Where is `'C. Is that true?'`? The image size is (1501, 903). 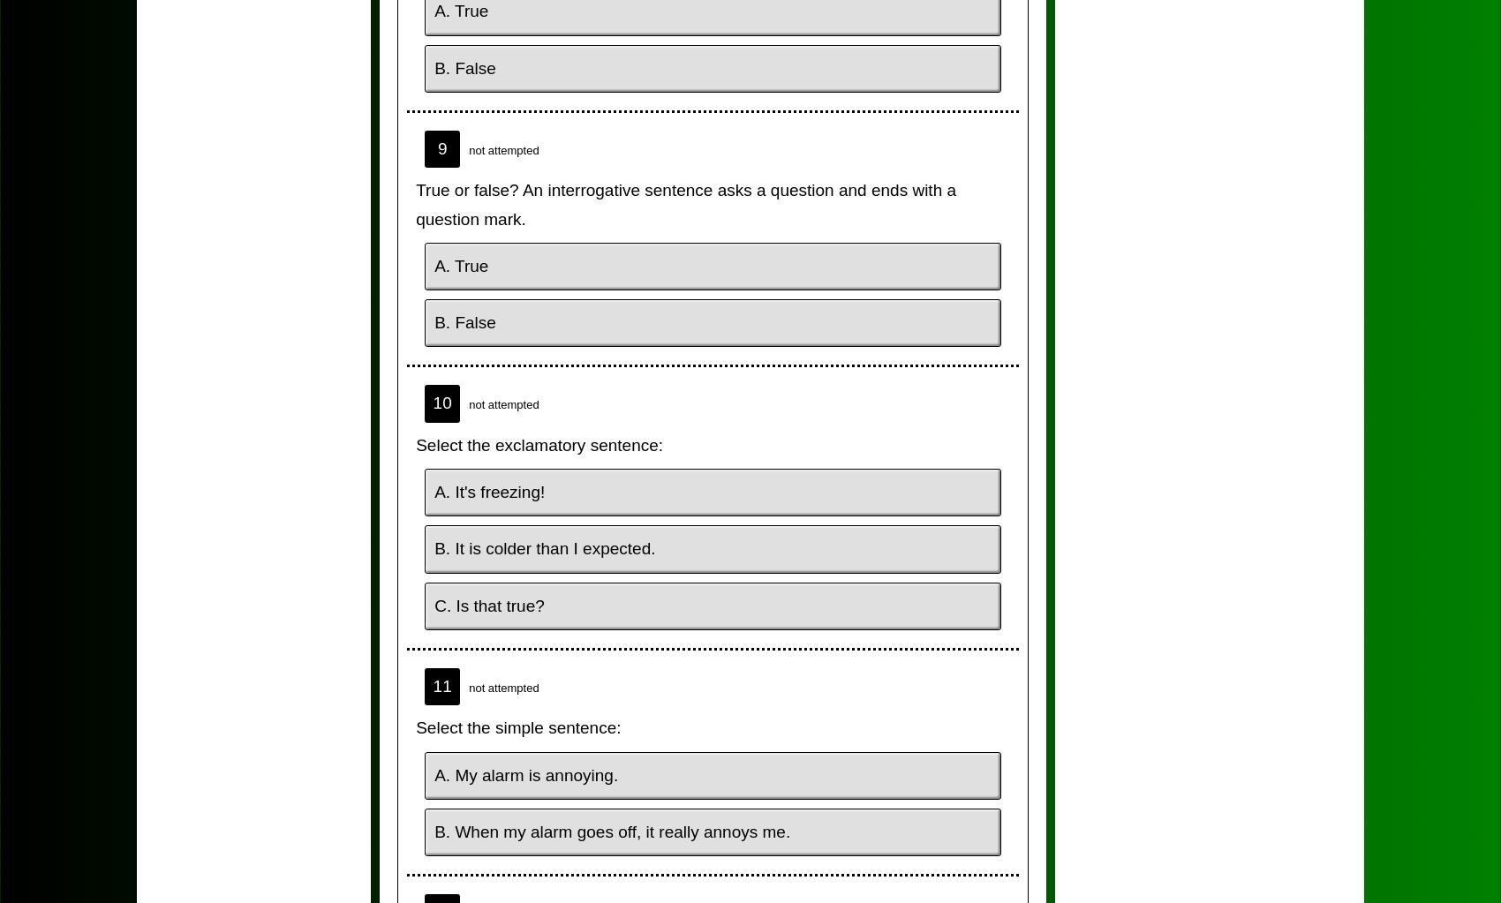
'C. Is that true?' is located at coordinates (488, 604).